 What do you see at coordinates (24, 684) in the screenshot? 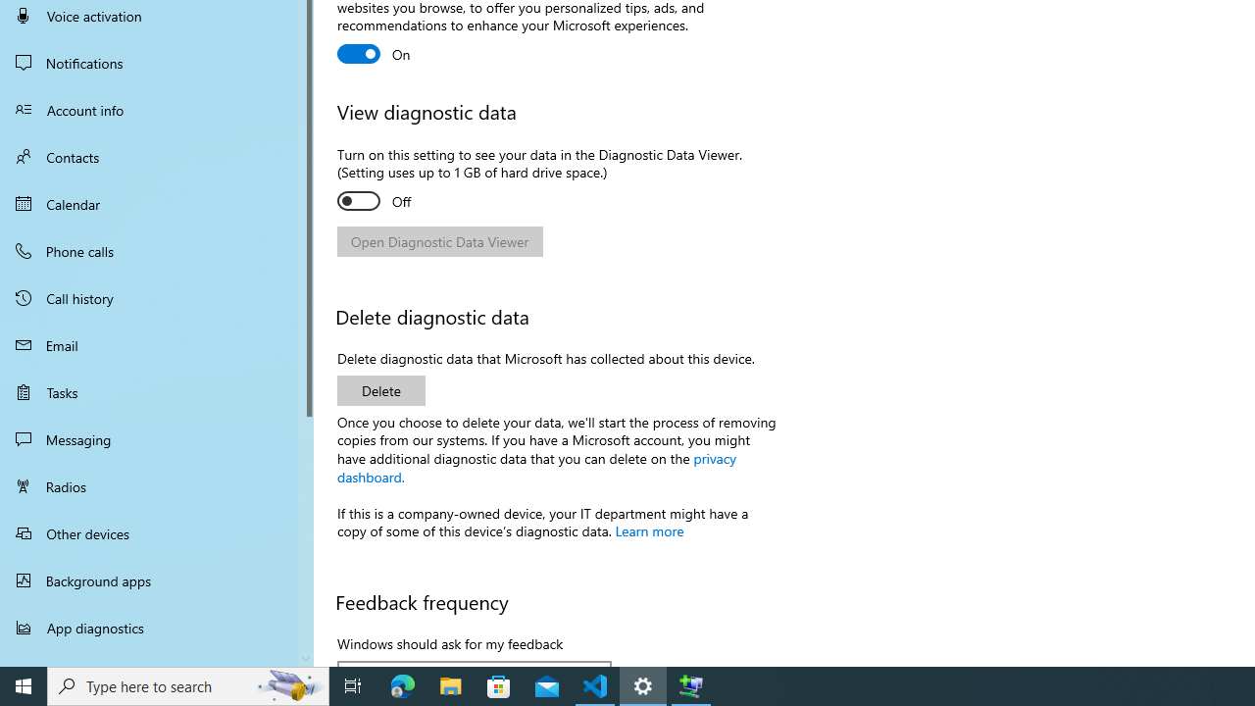
I see `'Start'` at bounding box center [24, 684].